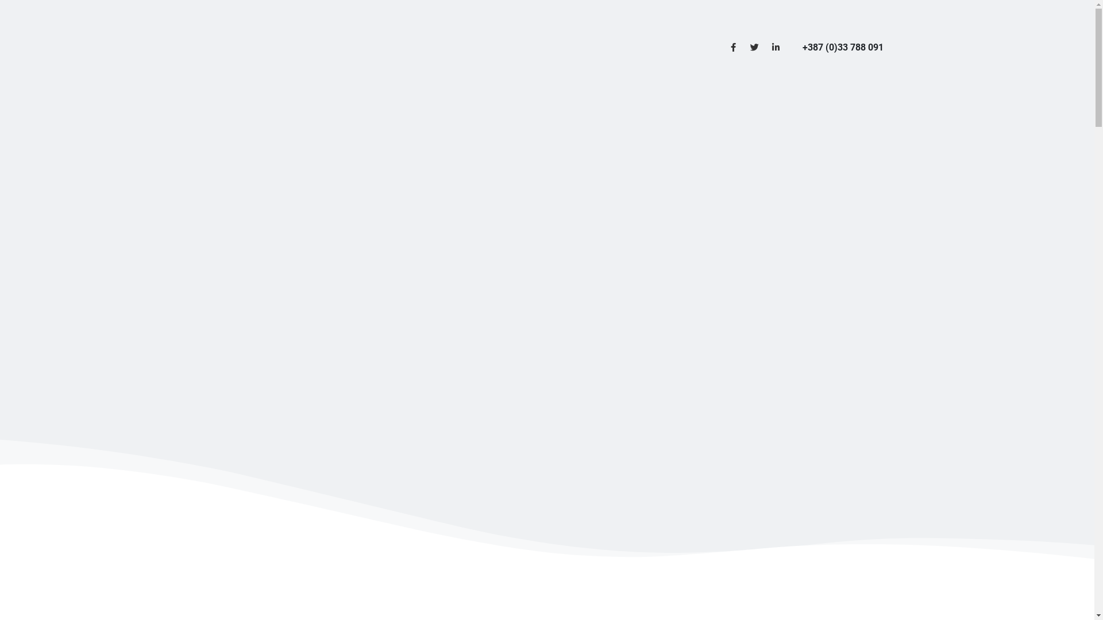  What do you see at coordinates (722, 46) in the screenshot?
I see `'Facebook'` at bounding box center [722, 46].